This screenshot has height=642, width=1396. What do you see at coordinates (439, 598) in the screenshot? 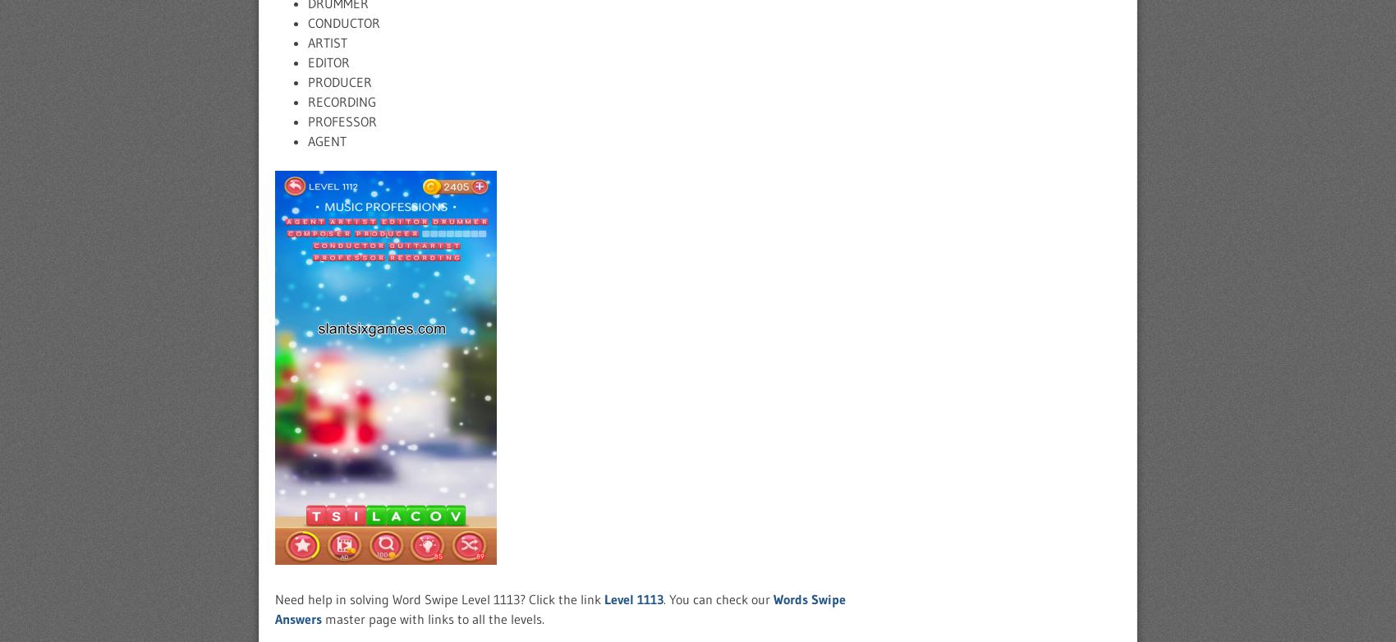
I see `'Need help in solving Word Swipe Level 1113? Click the link'` at bounding box center [439, 598].